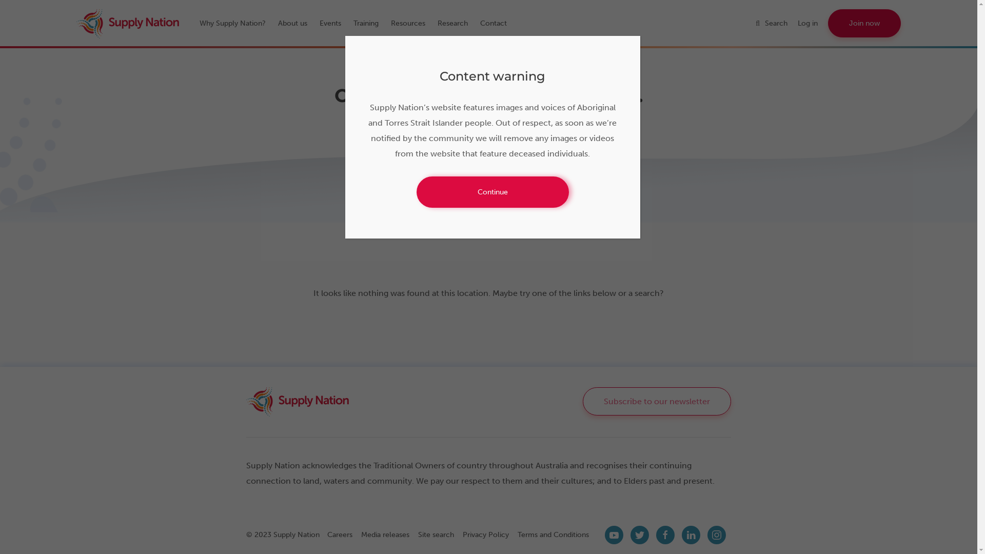  I want to click on 'Supply Nation on LinkedIn', so click(691, 534).